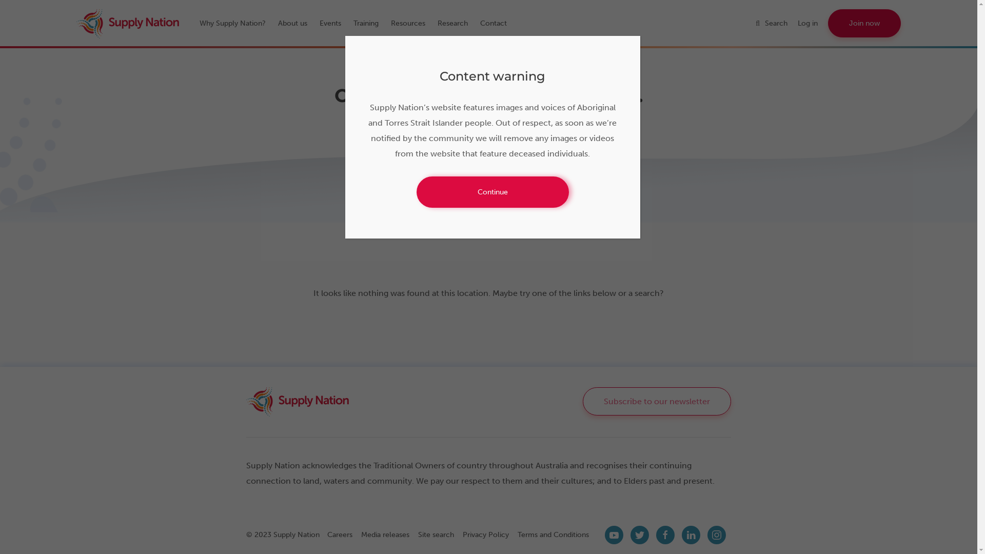  I want to click on 'Supply Nation on LinkedIn', so click(691, 534).